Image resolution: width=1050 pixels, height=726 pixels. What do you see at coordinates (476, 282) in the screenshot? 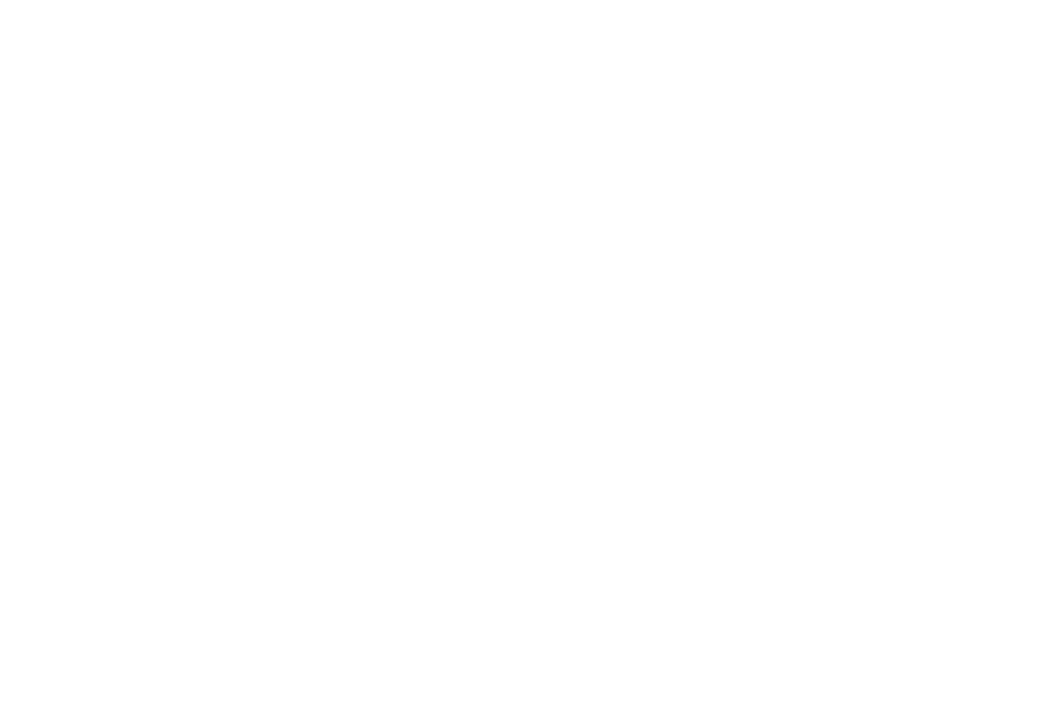
I see `'4'` at bounding box center [476, 282].